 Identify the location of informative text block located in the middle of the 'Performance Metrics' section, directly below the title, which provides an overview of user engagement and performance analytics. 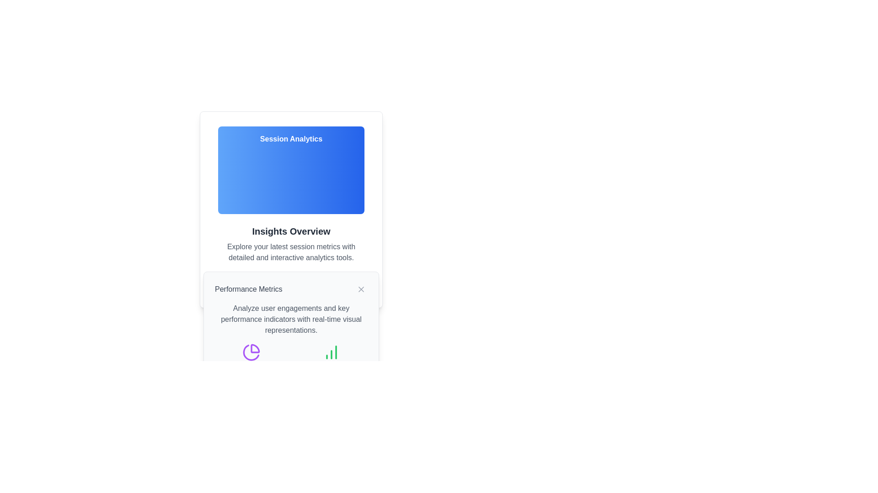
(291, 319).